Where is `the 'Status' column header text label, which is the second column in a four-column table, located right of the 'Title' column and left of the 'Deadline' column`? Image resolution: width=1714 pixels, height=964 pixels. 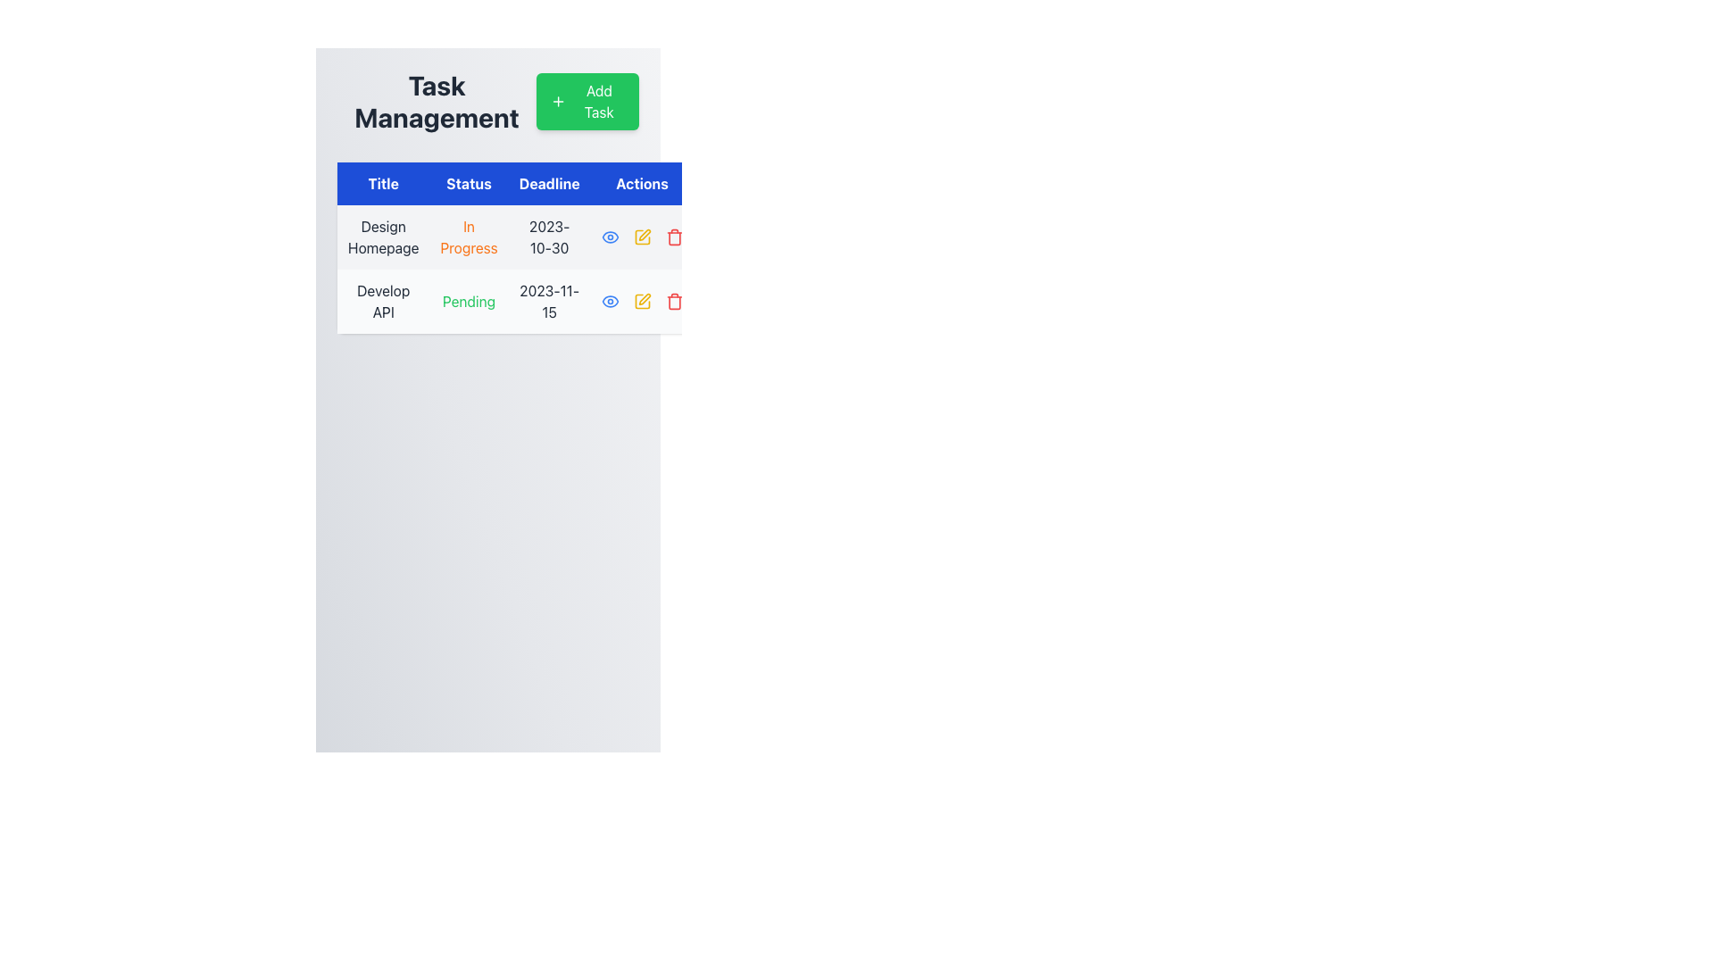 the 'Status' column header text label, which is the second column in a four-column table, located right of the 'Title' column and left of the 'Deadline' column is located at coordinates (469, 183).